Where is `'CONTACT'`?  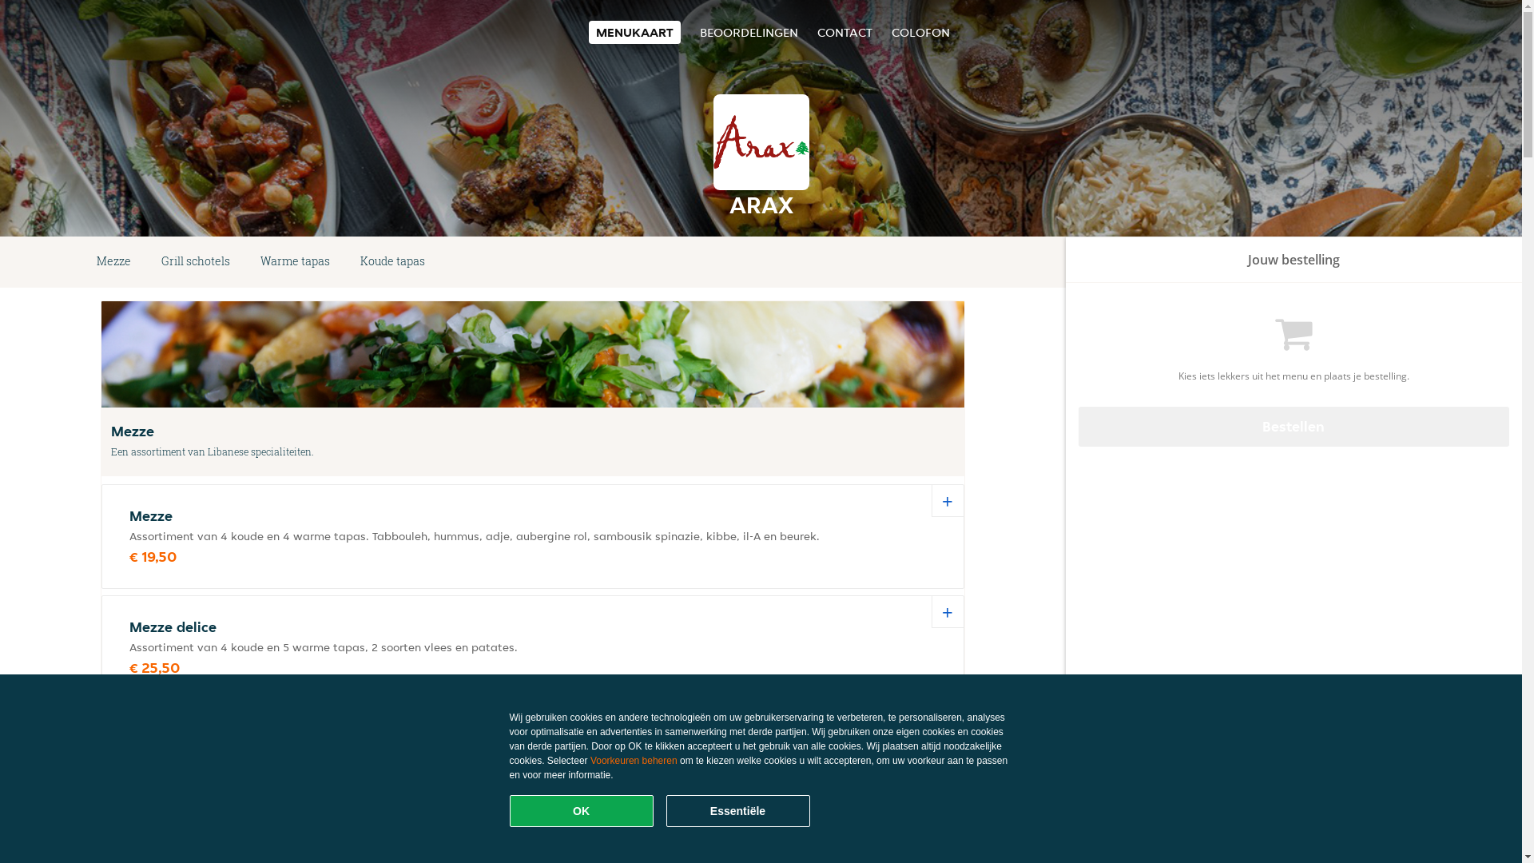 'CONTACT' is located at coordinates (843, 32).